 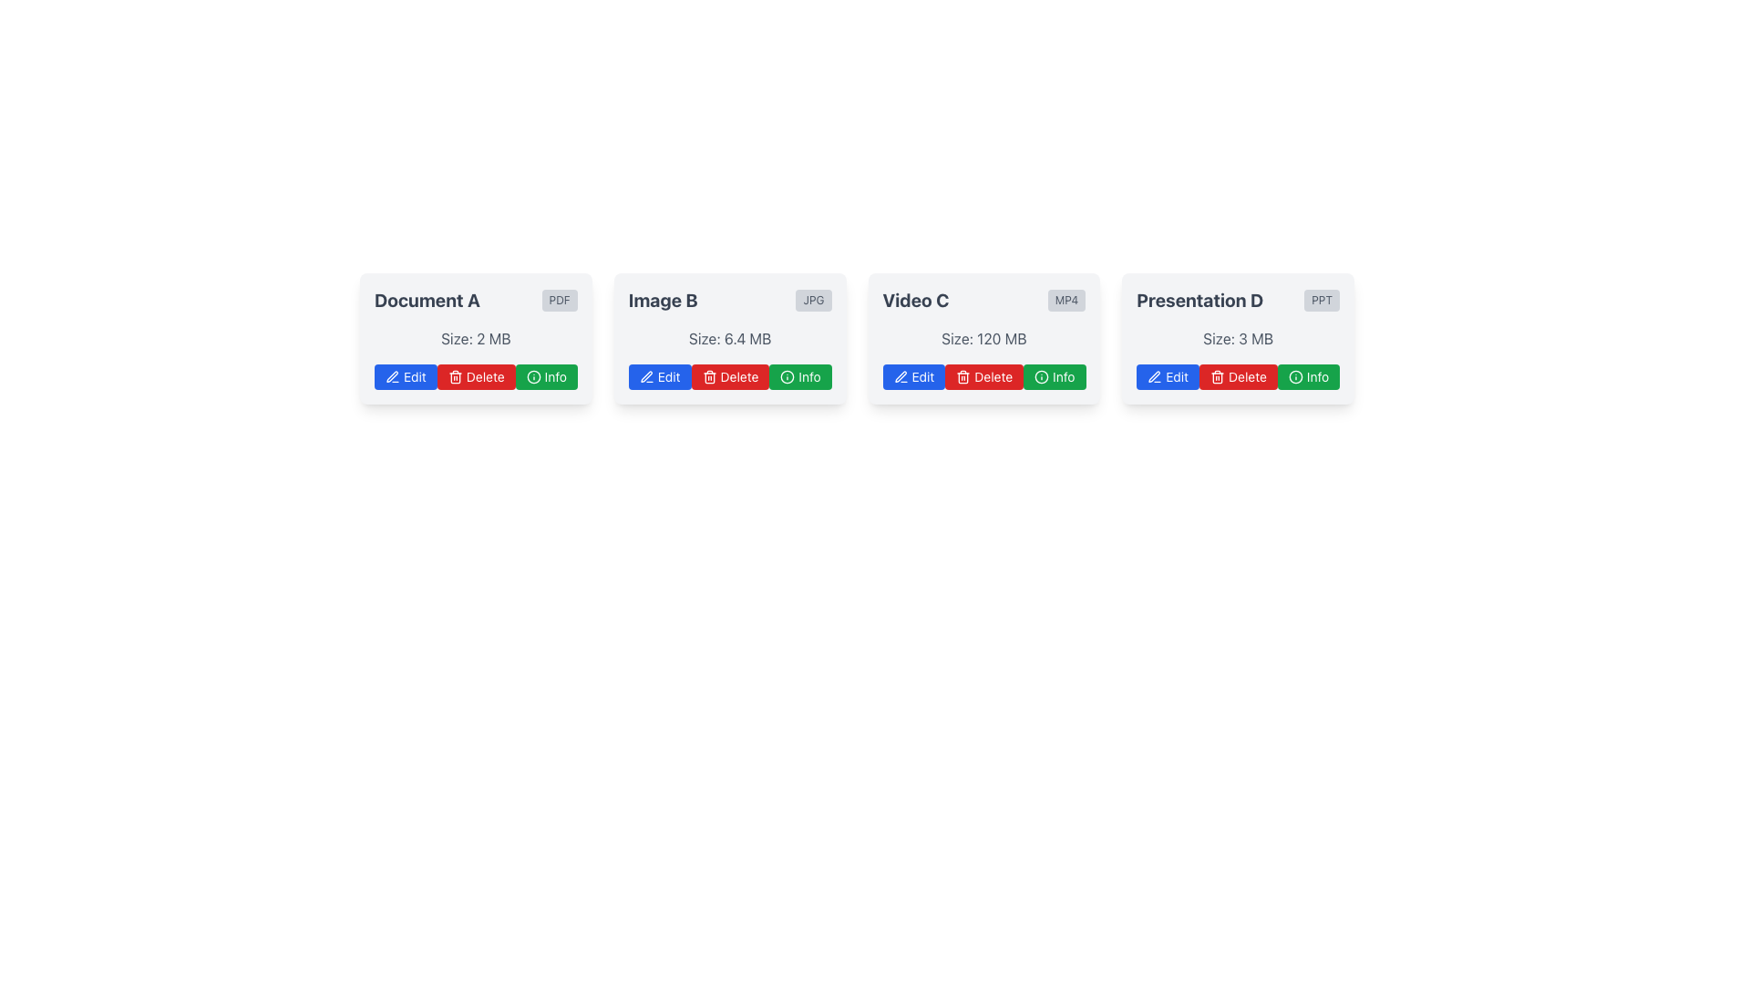 I want to click on the 'Edit' button, which is the leftmost button in the group below 'Image B', so click(x=659, y=375).